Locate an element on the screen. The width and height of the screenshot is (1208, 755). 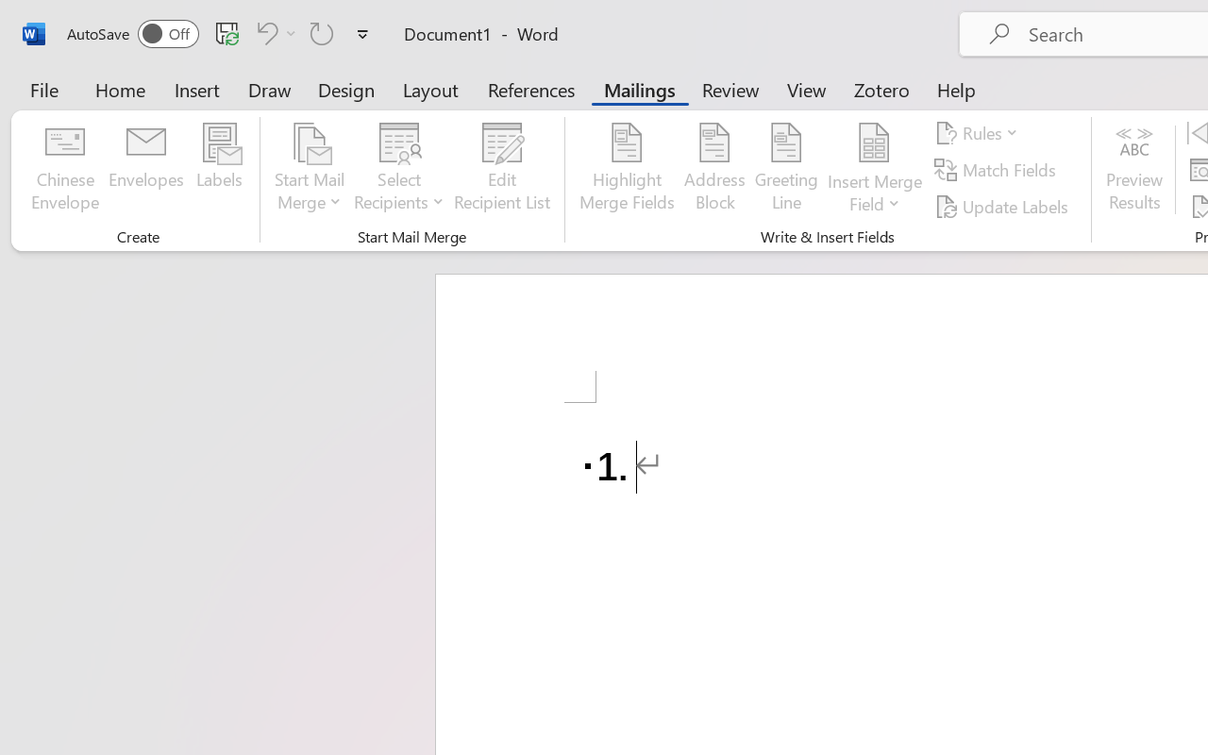
'Chinese Envelope...' is located at coordinates (65, 169).